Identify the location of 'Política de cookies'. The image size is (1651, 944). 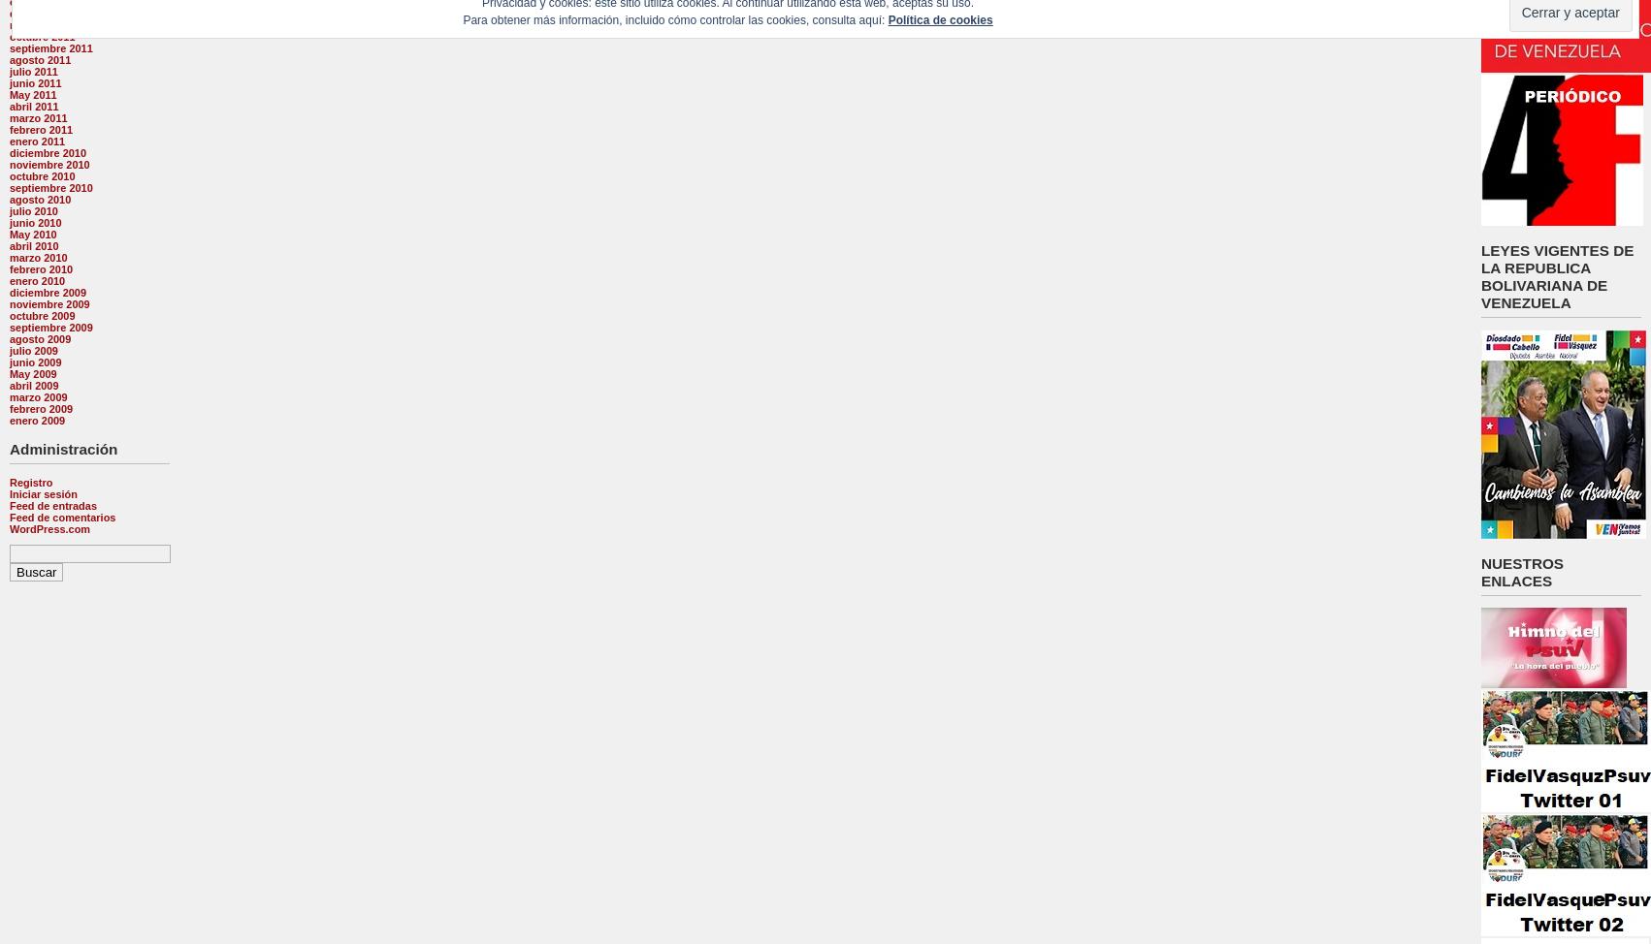
(939, 18).